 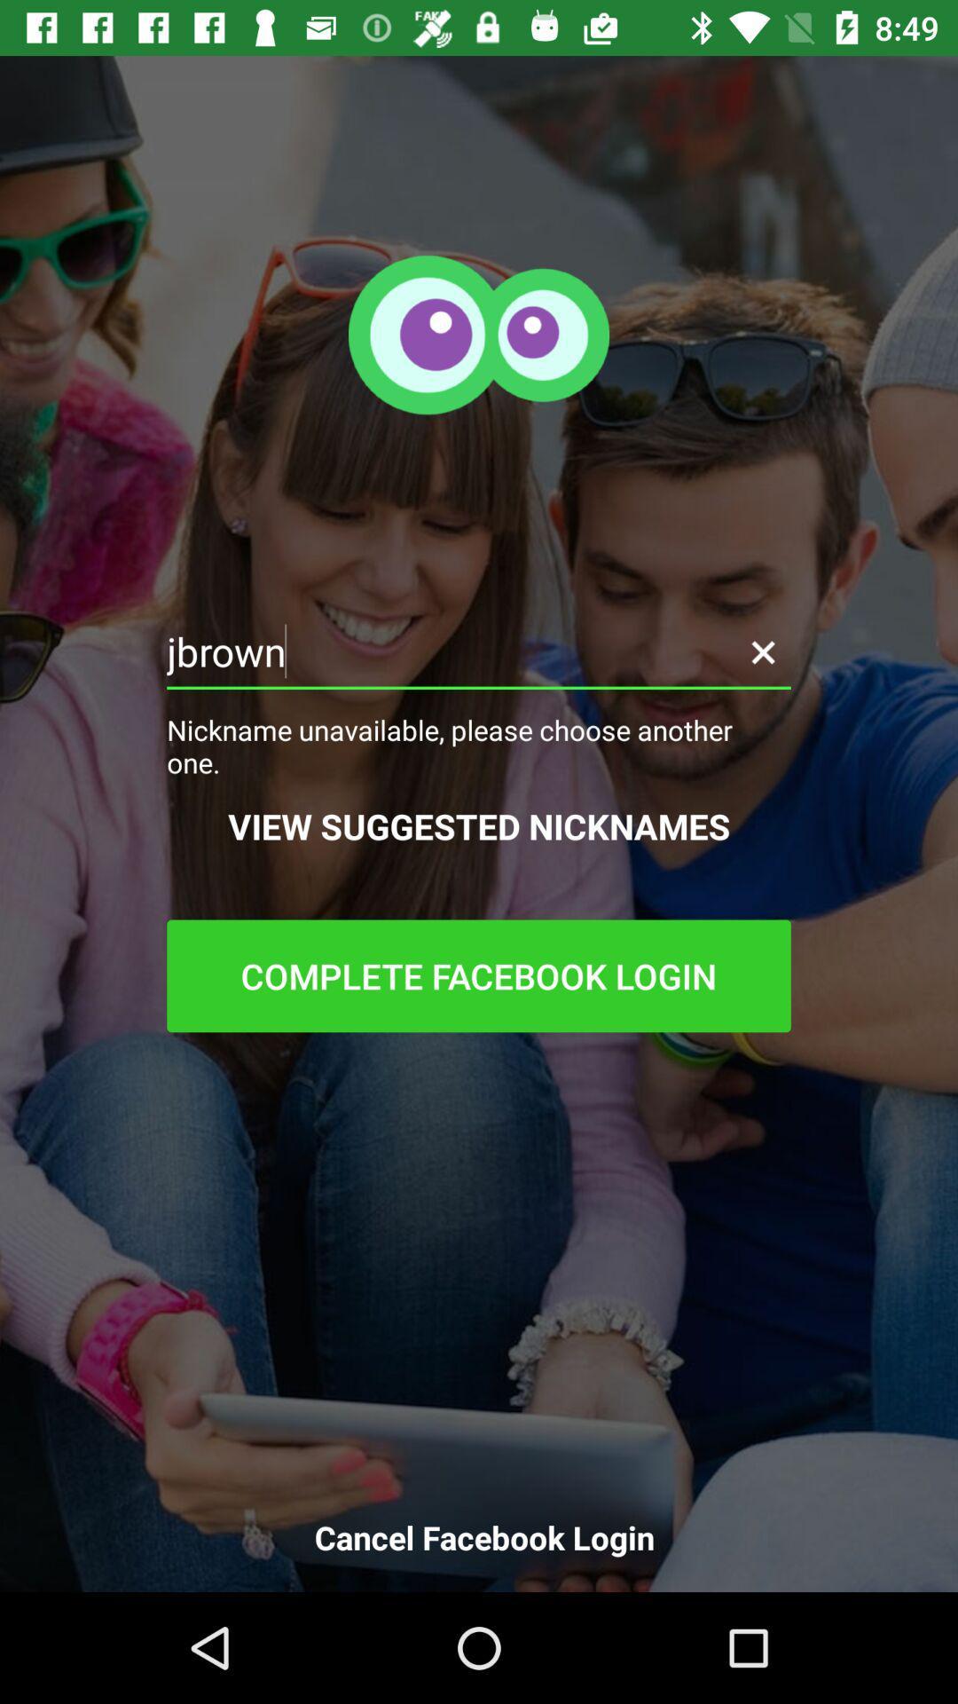 What do you see at coordinates (762, 651) in the screenshot?
I see `item on the right` at bounding box center [762, 651].